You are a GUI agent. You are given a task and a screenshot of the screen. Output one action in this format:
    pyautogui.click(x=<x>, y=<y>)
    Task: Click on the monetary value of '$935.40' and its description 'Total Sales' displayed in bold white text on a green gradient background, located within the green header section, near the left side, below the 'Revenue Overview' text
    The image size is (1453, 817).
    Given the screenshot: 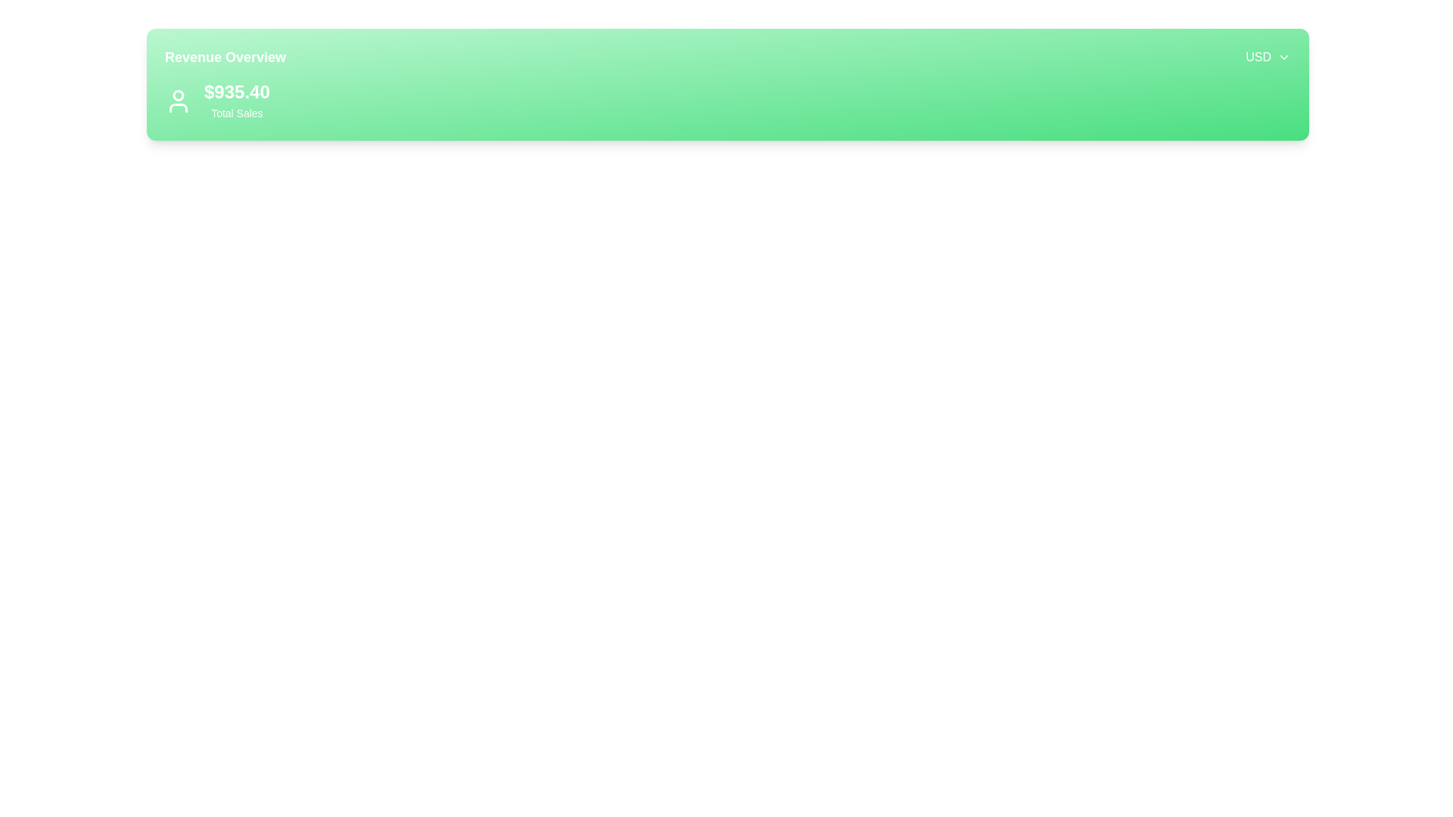 What is the action you would take?
    pyautogui.click(x=236, y=101)
    